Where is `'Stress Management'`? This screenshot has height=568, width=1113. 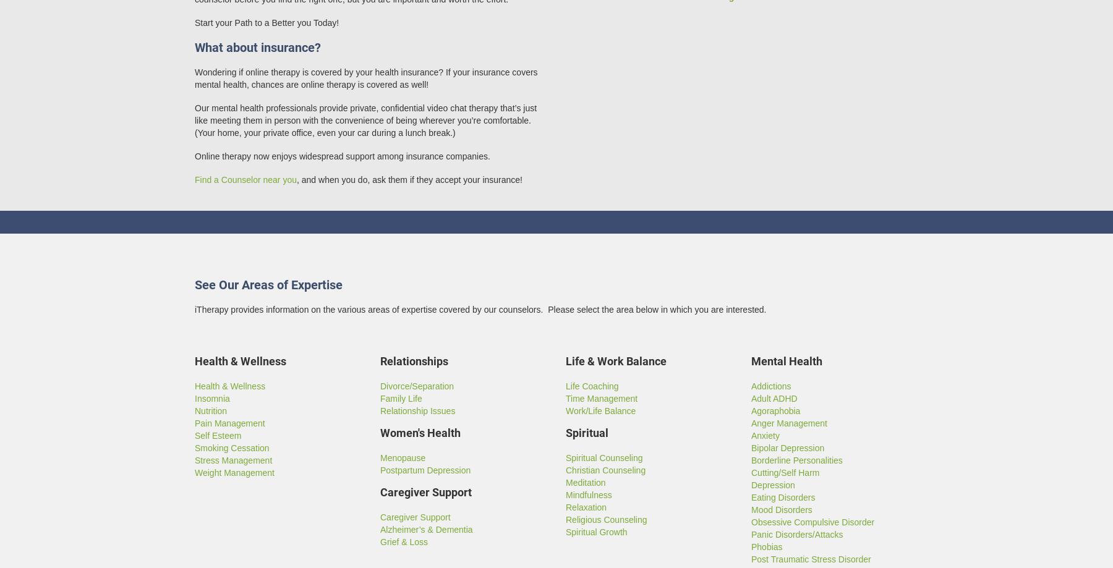 'Stress Management' is located at coordinates (233, 460).